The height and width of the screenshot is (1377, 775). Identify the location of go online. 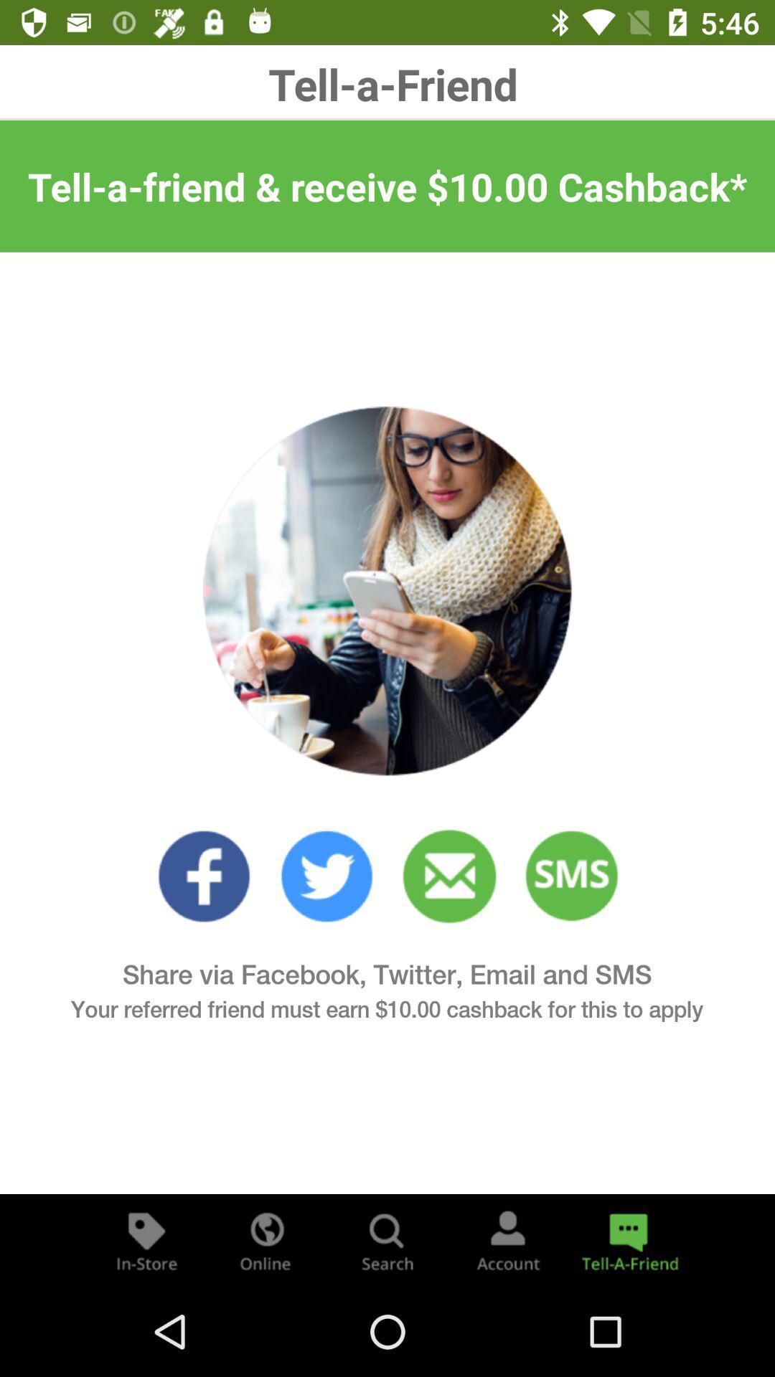
(266, 1239).